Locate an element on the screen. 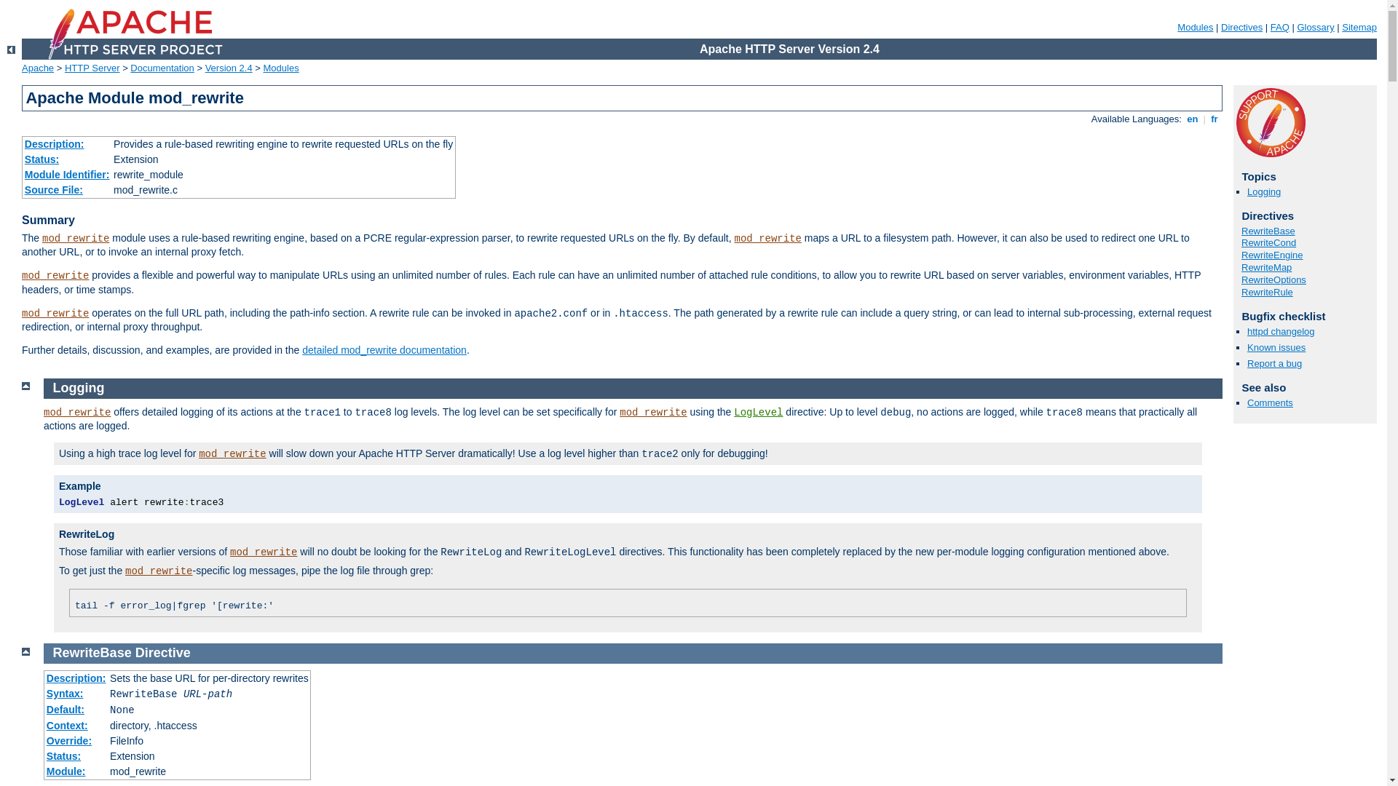  'Directive' is located at coordinates (163, 652).